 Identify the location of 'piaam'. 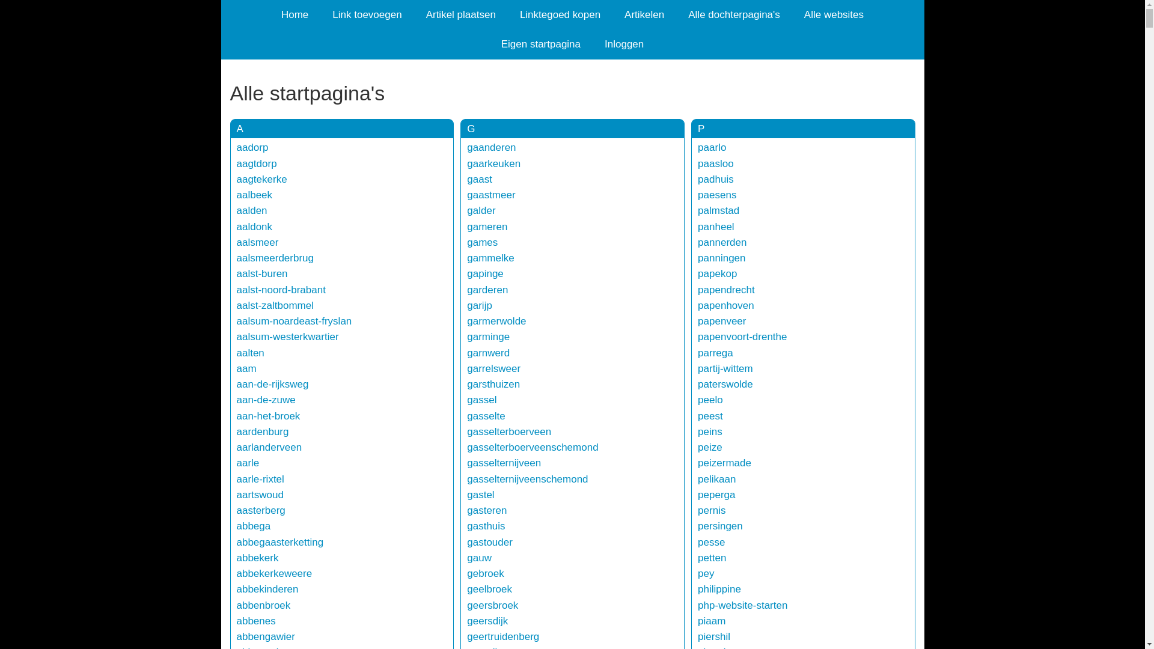
(712, 621).